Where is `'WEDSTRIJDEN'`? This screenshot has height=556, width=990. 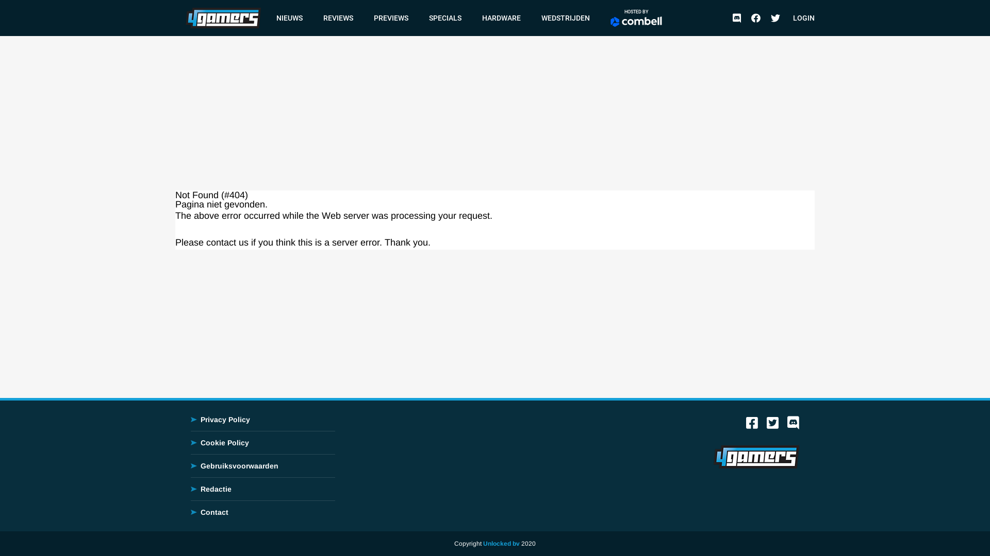 'WEDSTRIJDEN' is located at coordinates (565, 18).